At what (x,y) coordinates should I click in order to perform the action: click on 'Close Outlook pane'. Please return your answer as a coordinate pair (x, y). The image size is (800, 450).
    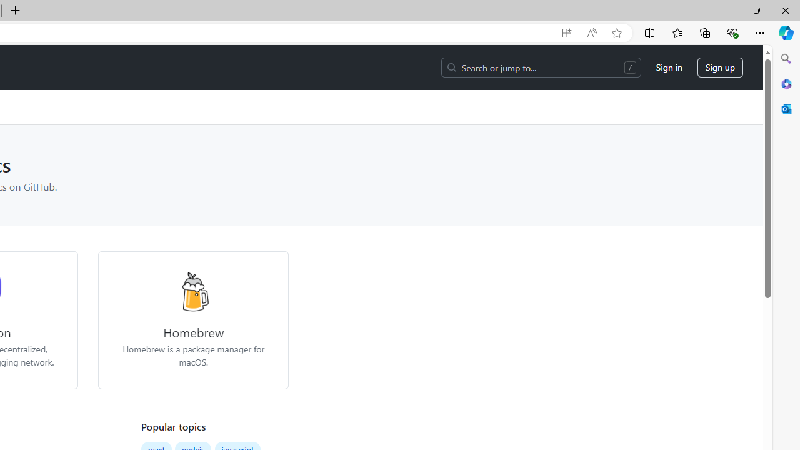
    Looking at the image, I should click on (786, 108).